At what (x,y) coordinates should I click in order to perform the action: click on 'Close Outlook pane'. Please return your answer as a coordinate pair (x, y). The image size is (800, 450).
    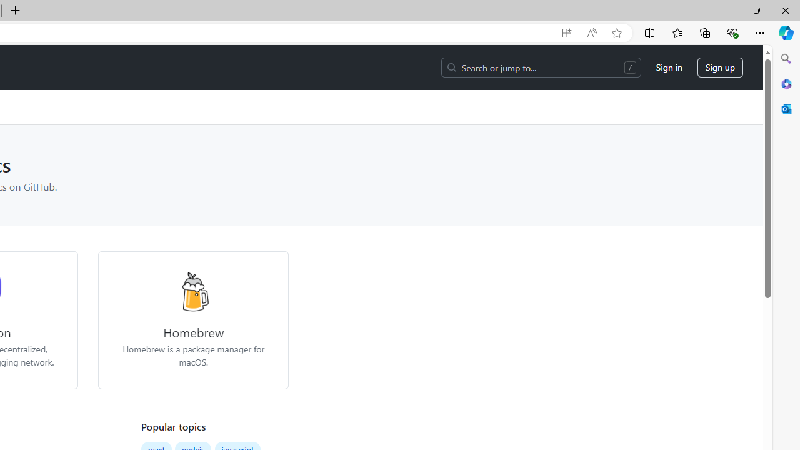
    Looking at the image, I should click on (786, 108).